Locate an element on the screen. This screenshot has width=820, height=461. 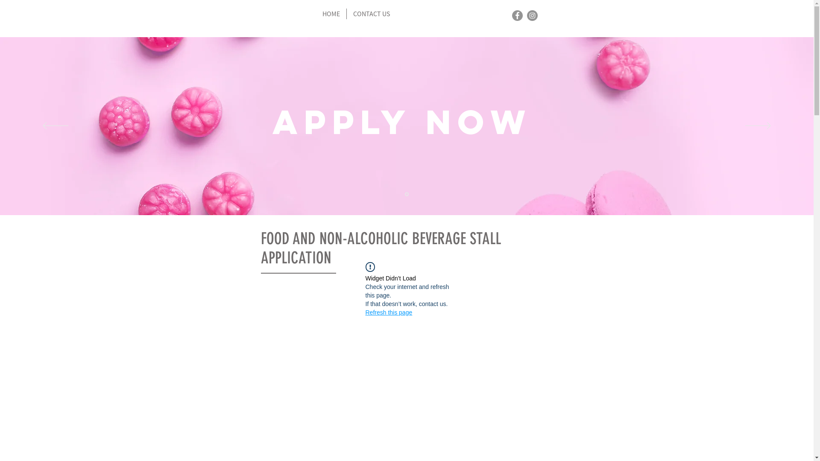
'CONTACT US' is located at coordinates (371, 14).